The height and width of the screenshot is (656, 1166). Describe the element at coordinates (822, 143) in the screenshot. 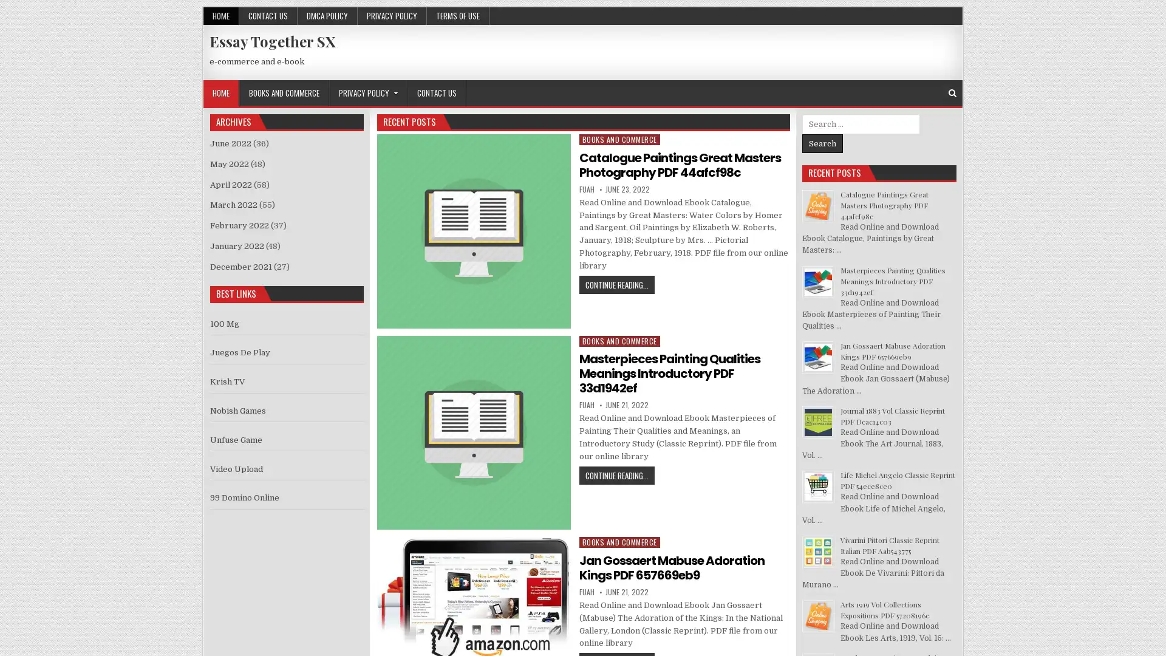

I see `Search` at that location.